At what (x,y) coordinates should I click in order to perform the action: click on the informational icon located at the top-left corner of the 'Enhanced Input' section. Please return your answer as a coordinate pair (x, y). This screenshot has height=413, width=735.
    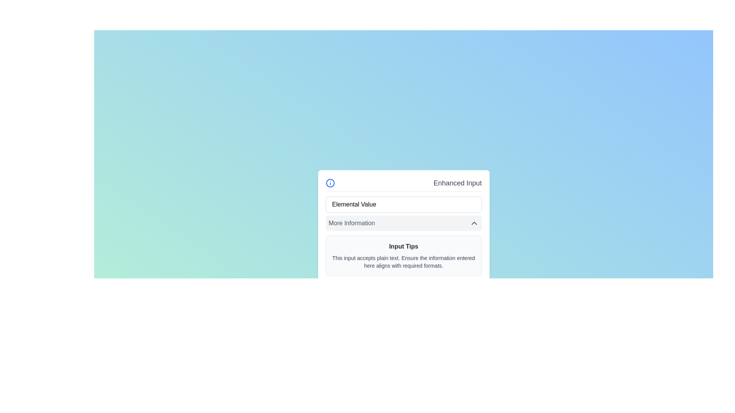
    Looking at the image, I should click on (330, 183).